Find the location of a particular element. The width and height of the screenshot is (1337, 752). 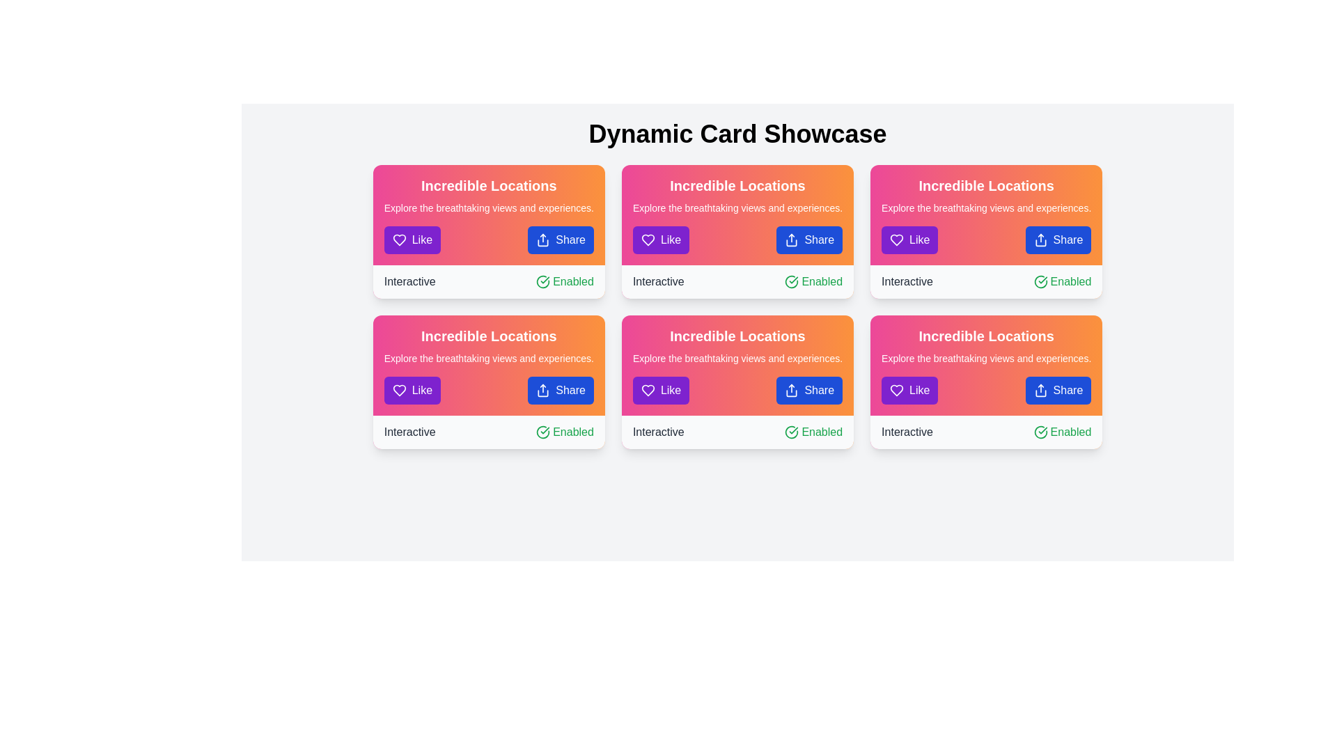

the 'like' icon in the third card of the first row is located at coordinates (897, 239).